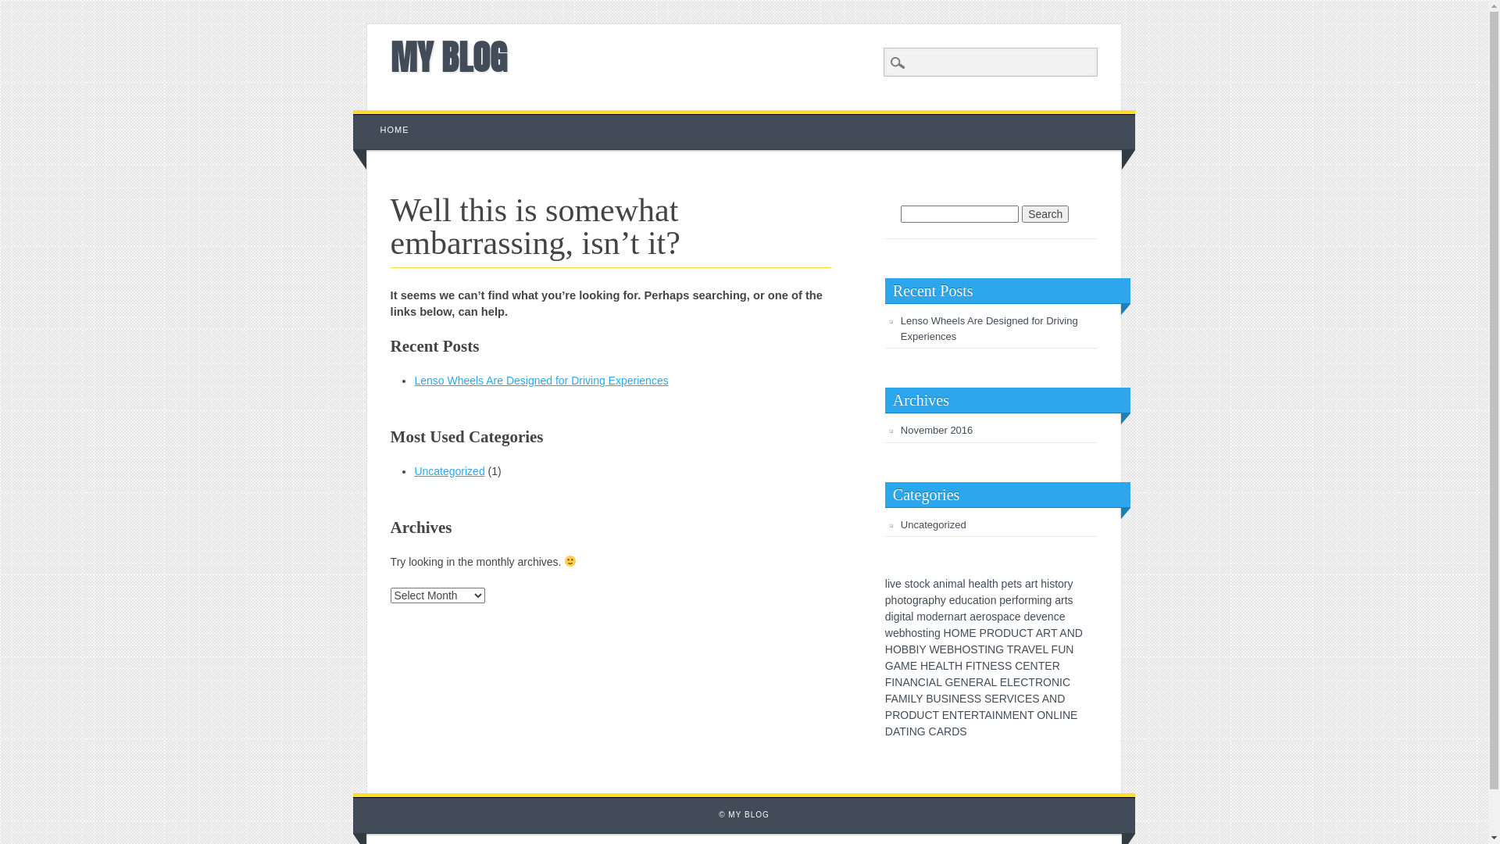 Image resolution: width=1500 pixels, height=844 pixels. I want to click on 'E', so click(1003, 681).